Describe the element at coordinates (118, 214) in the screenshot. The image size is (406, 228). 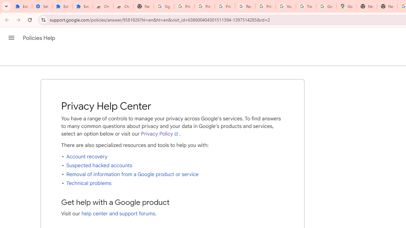
I see `'help center and support forums'` at that location.